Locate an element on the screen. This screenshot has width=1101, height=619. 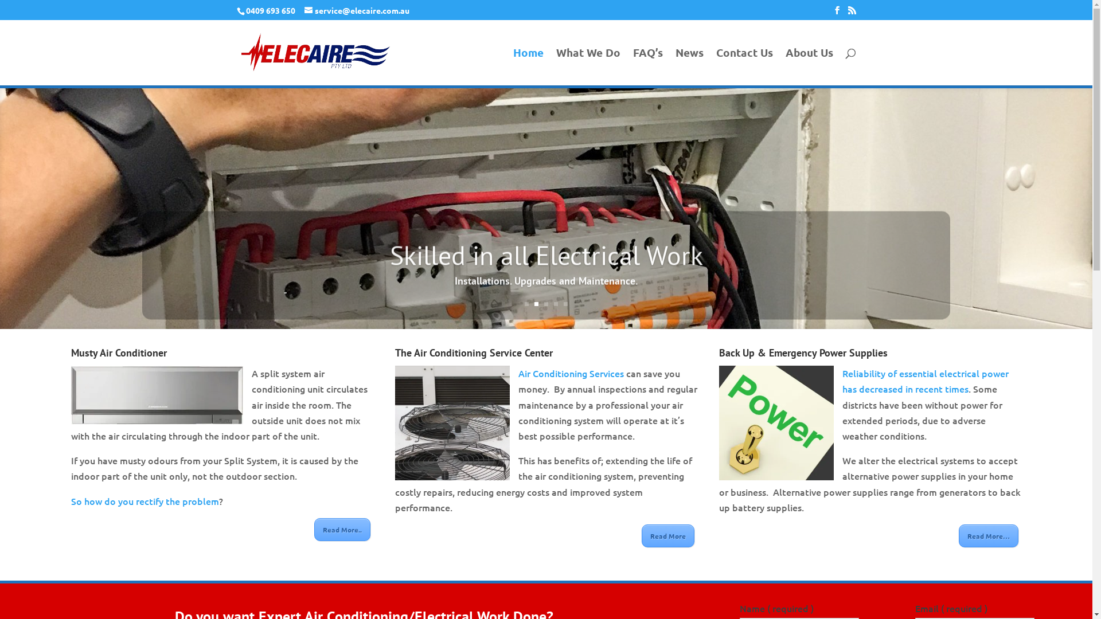
'0409 693 650' is located at coordinates (269, 9).